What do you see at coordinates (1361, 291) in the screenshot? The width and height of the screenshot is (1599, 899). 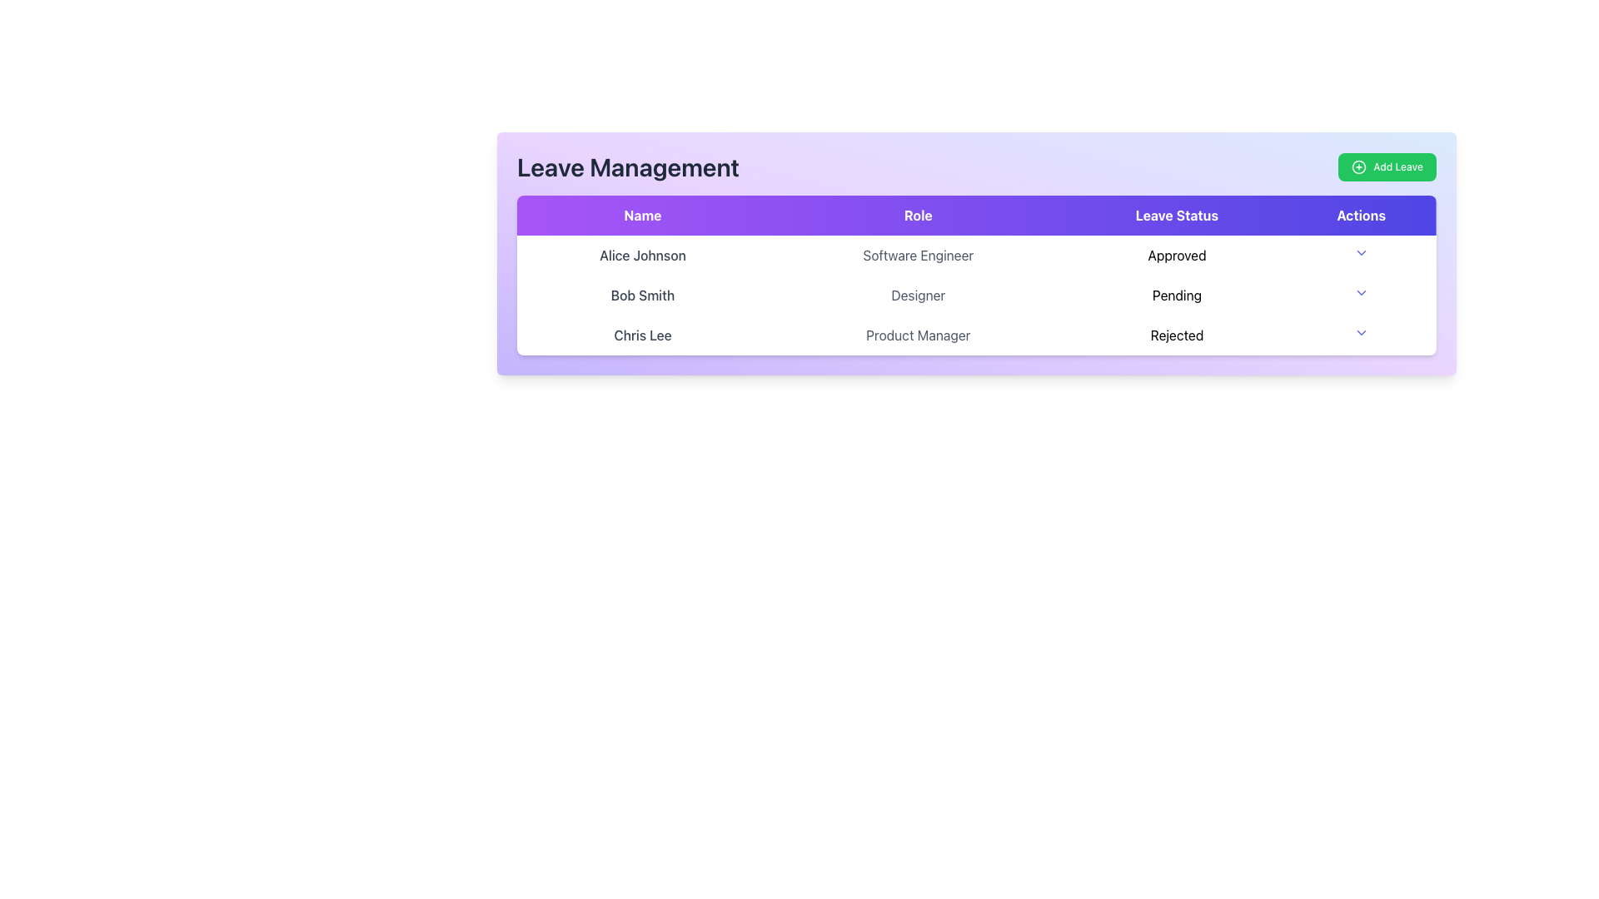 I see `the dropdown toggler in the 'Actions' column of the second row` at bounding box center [1361, 291].